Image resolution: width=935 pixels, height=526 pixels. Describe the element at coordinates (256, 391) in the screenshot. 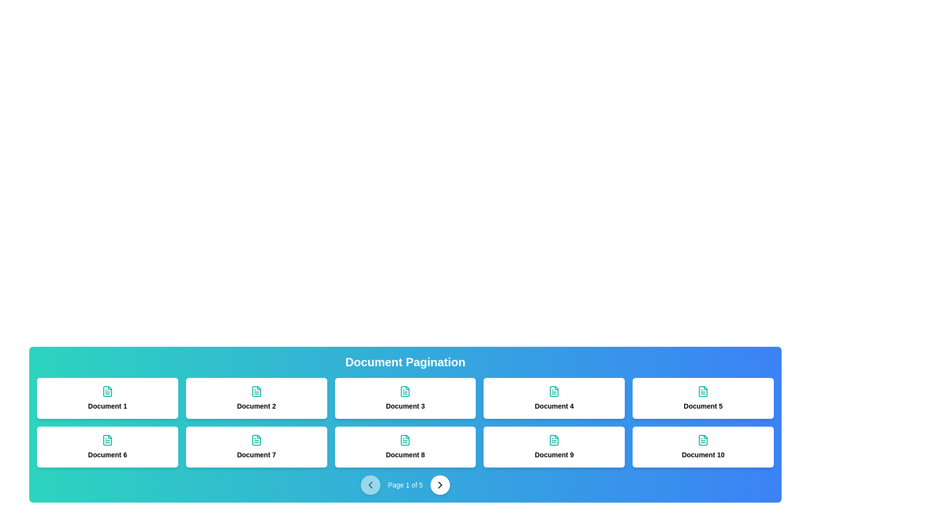

I see `SVG icon representing 'Document 2' for properties in developer tools by clicking on its center` at that location.